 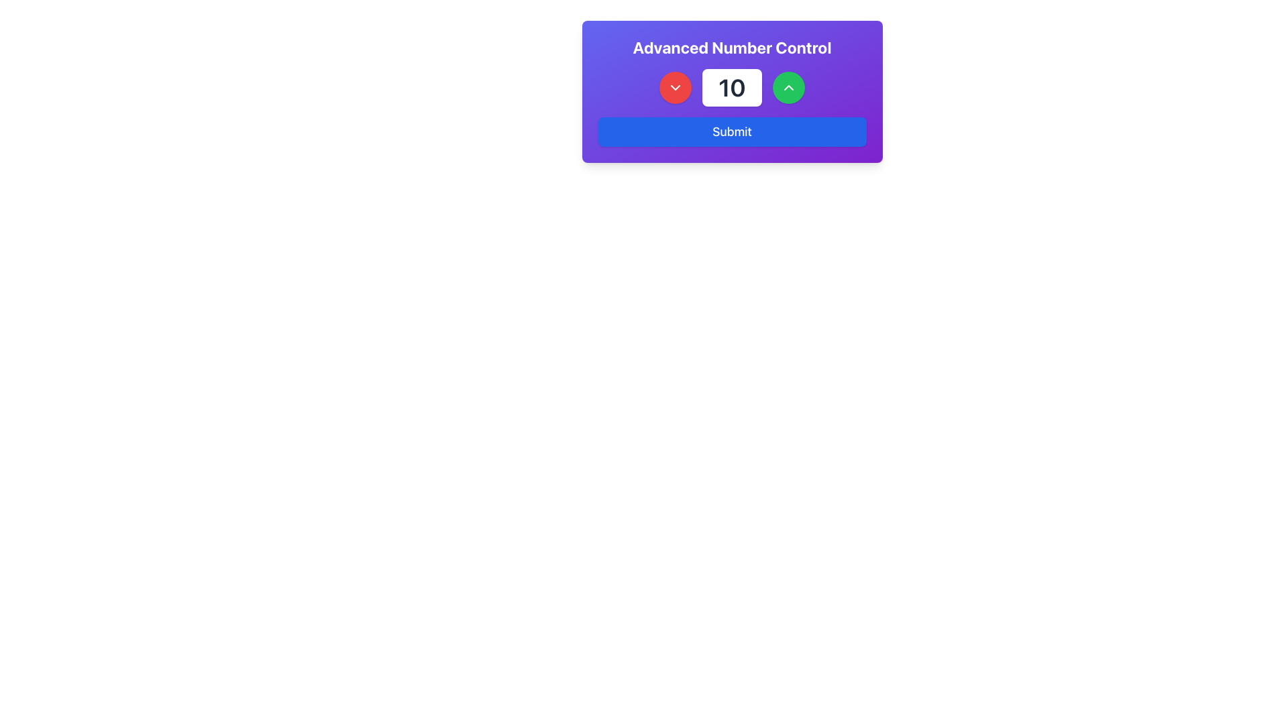 What do you see at coordinates (788, 88) in the screenshot?
I see `the increment control circular button located on the right side of the number input field` at bounding box center [788, 88].